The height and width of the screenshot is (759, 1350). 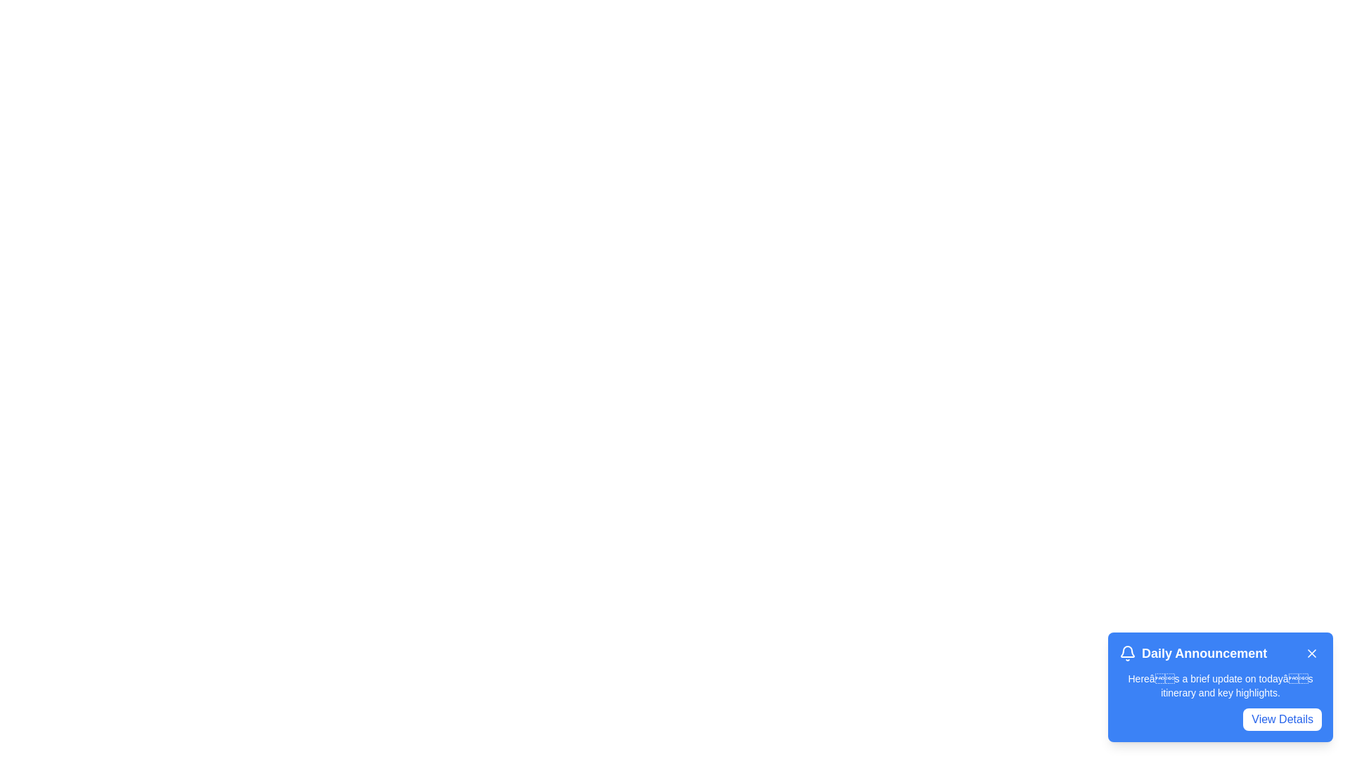 What do you see at coordinates (1127, 653) in the screenshot?
I see `the bell icon to inspect it` at bounding box center [1127, 653].